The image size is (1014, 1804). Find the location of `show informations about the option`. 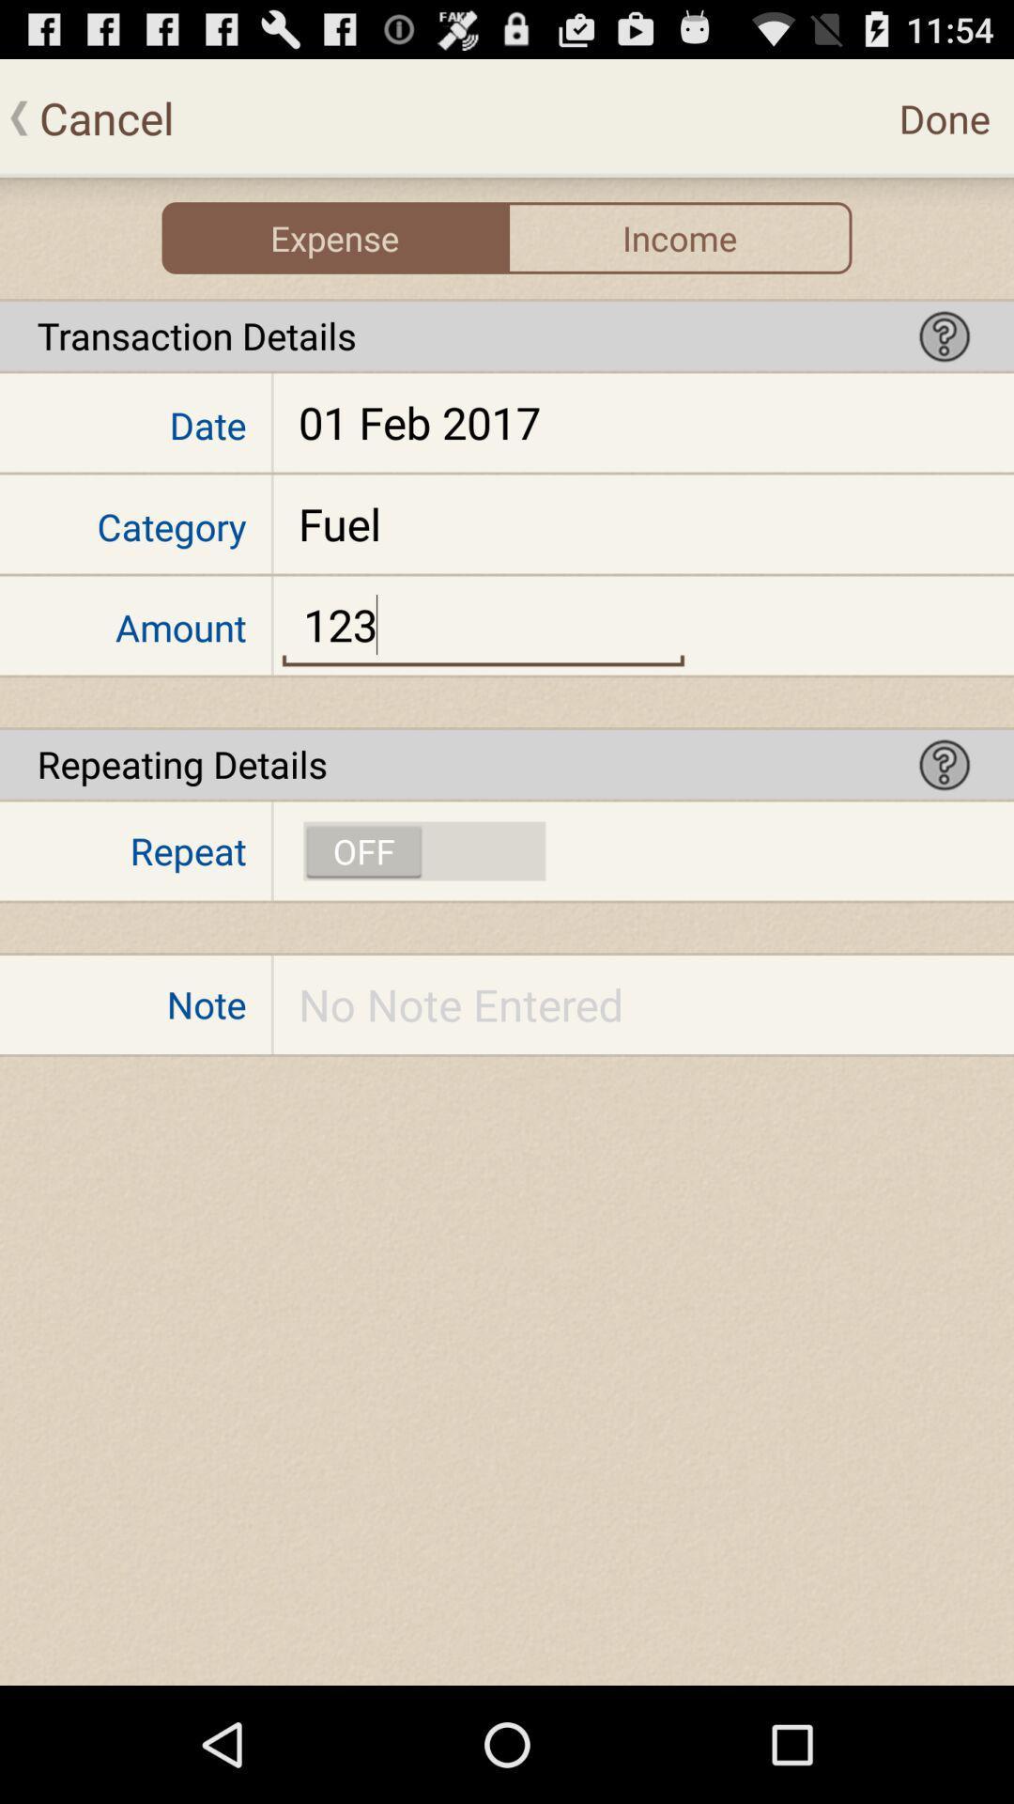

show informations about the option is located at coordinates (945, 335).